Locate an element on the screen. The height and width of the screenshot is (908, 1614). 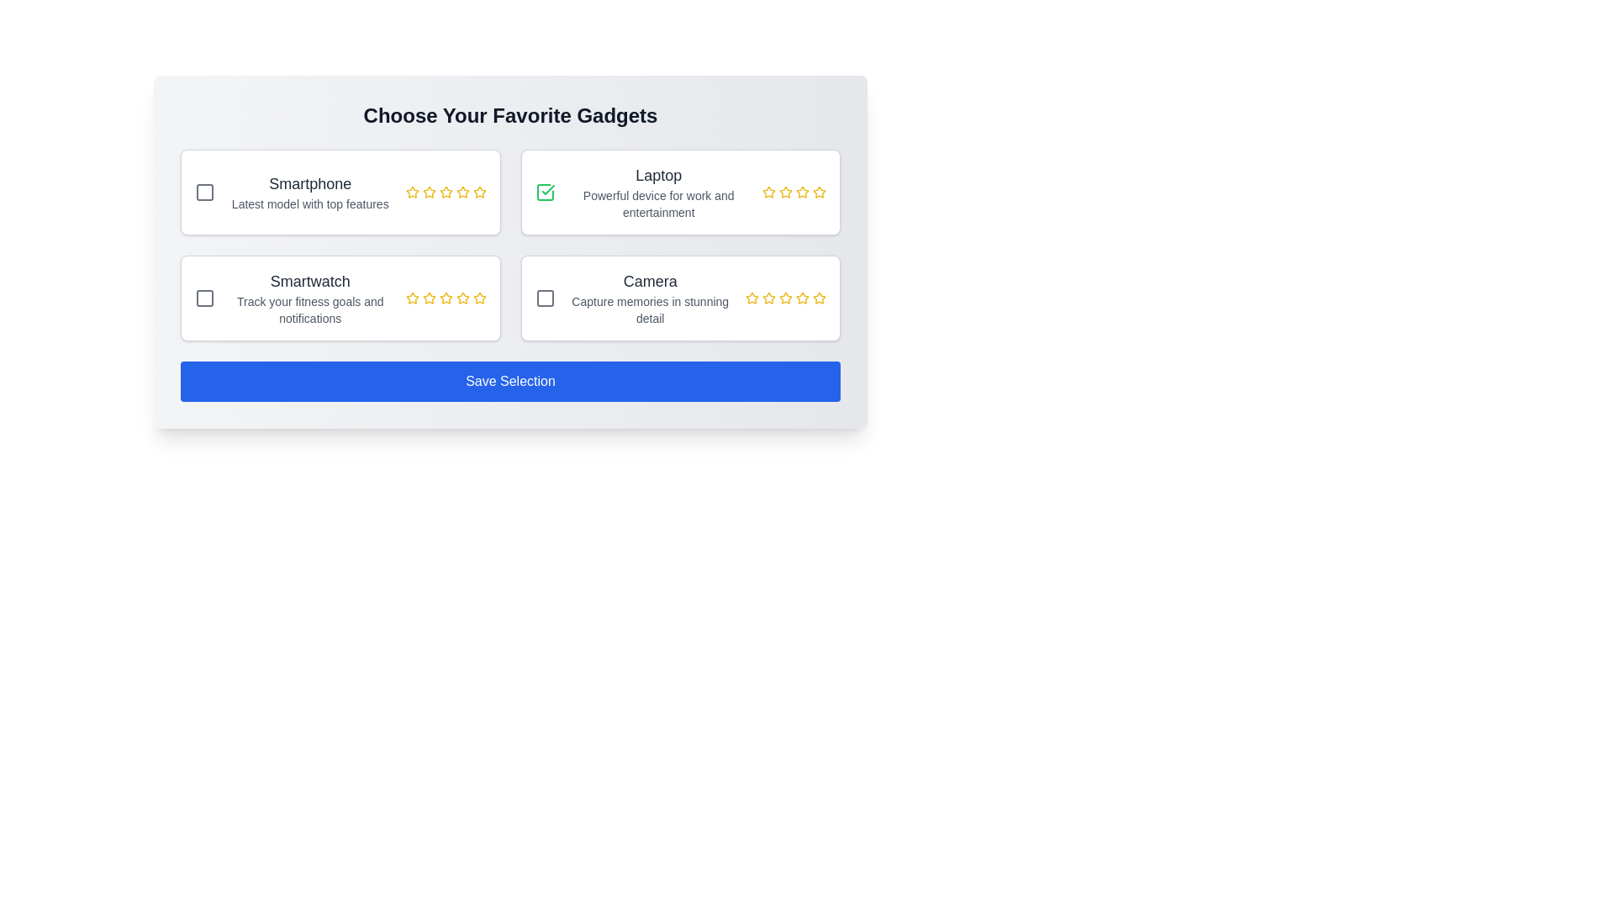
the third star of the rating bar in the 'Camera' section located at the bottom-right corner of the layout is located at coordinates (768, 297).